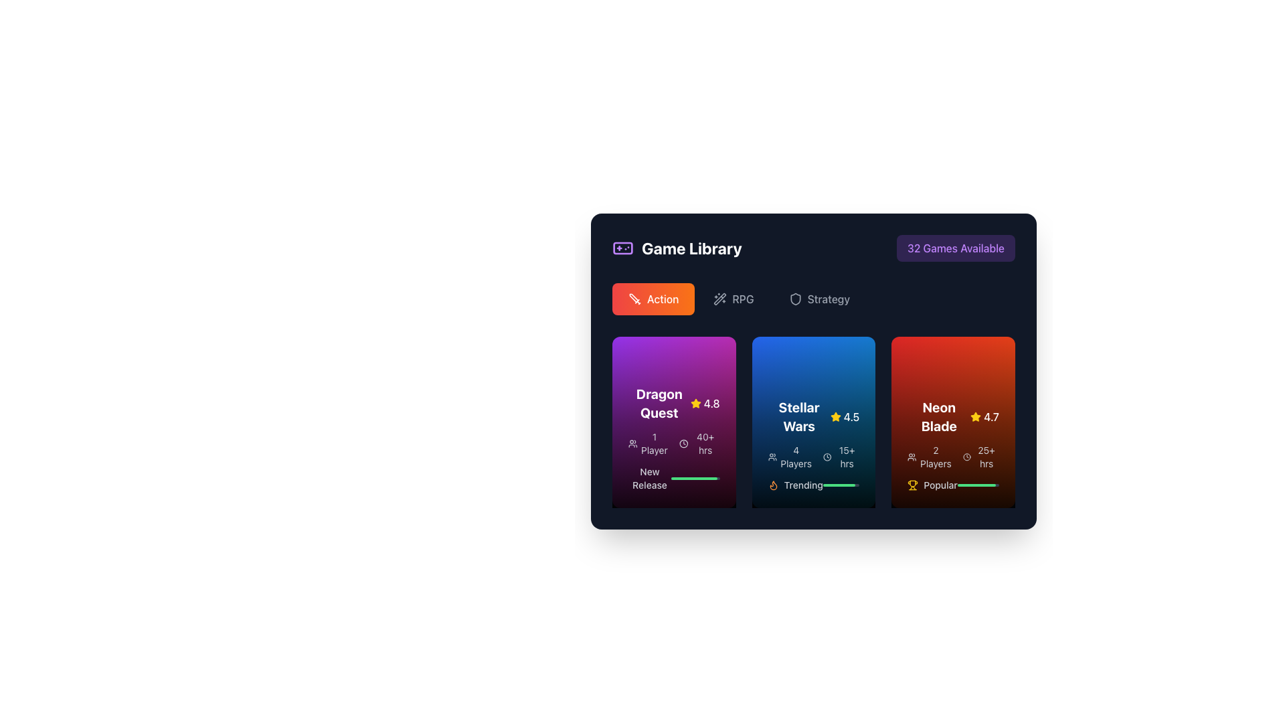  Describe the element at coordinates (711, 402) in the screenshot. I see `numerical rating displayed on the text label located near the upper-right corner of the leftmost card in the 'Dragon Quest' game information panel, beside the star icon` at that location.